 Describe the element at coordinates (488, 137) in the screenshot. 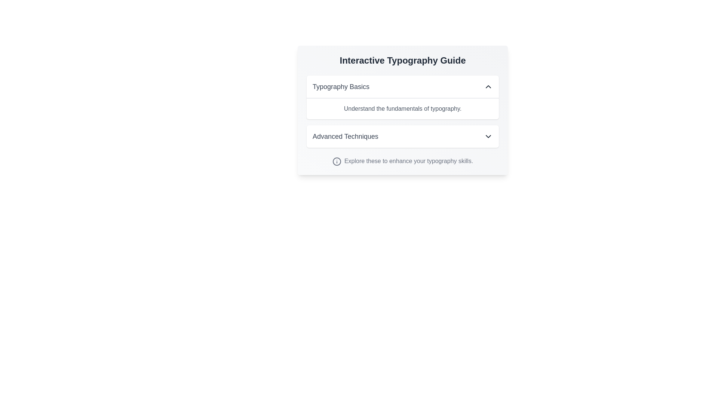

I see `the downward-facing chevron icon next to 'Advanced Techniques'` at that location.